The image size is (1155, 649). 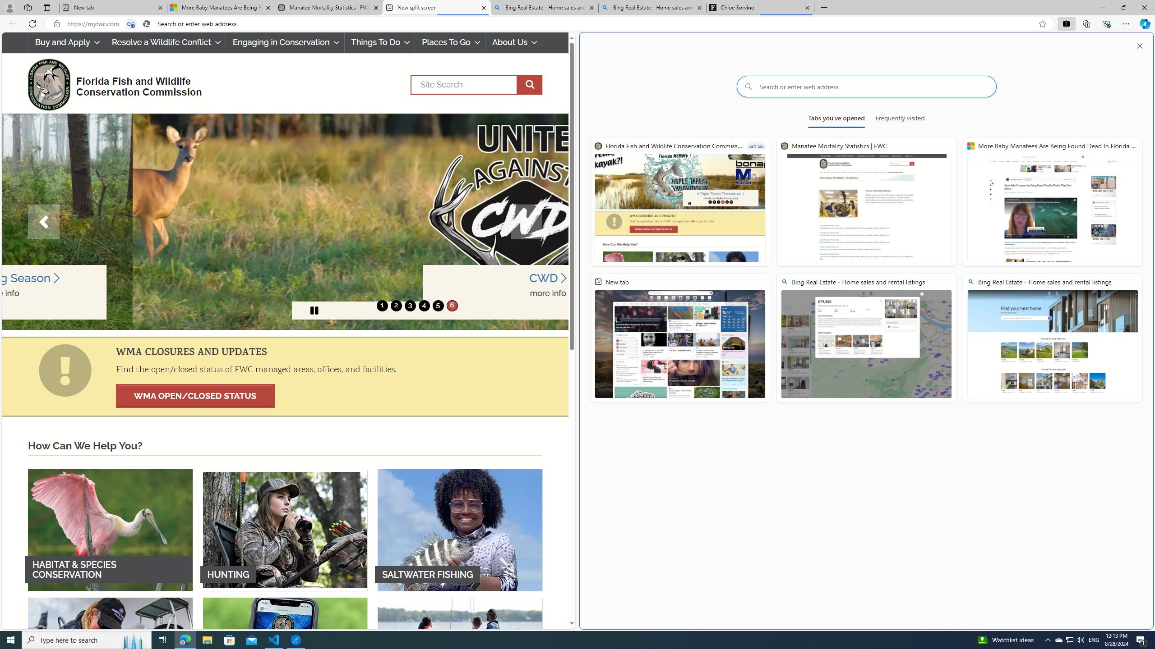 What do you see at coordinates (423, 305) in the screenshot?
I see `'move to slide 4'` at bounding box center [423, 305].